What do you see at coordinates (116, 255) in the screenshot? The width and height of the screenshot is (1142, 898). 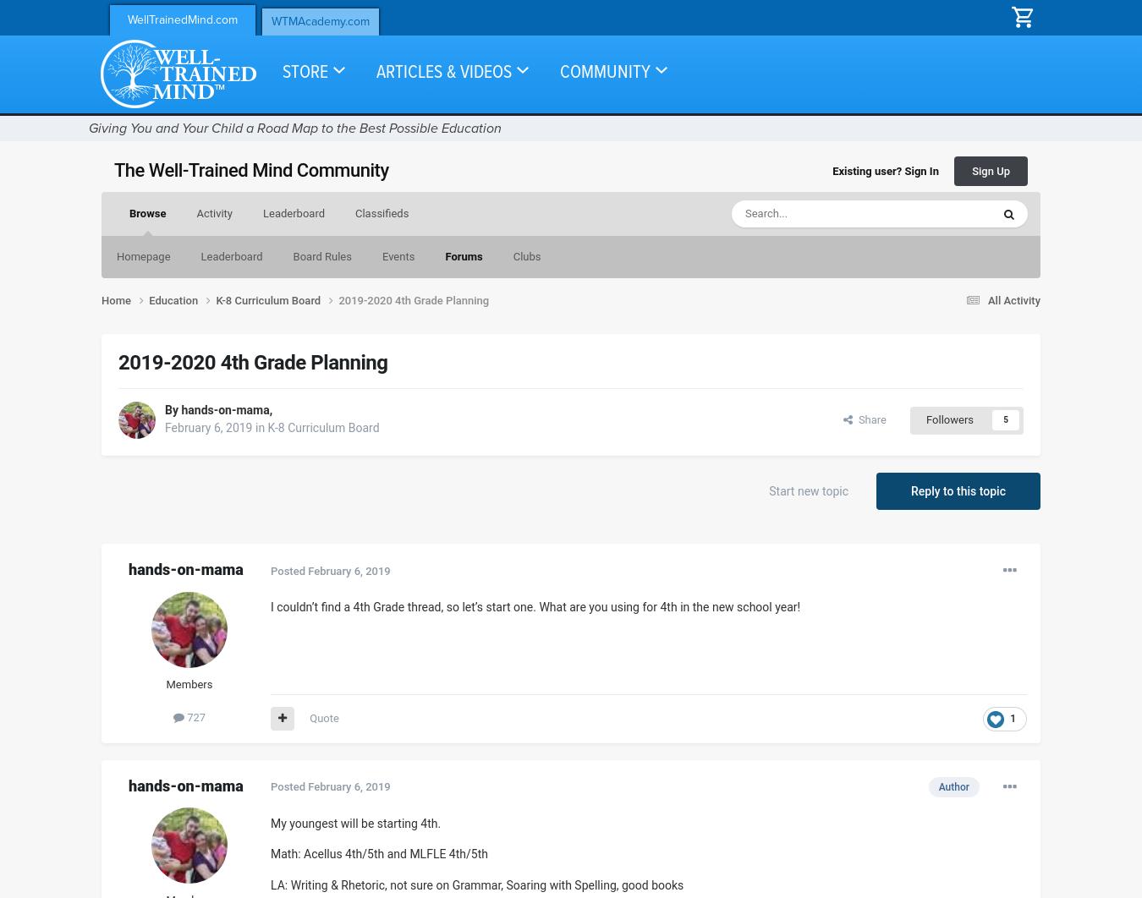 I see `'Homepage'` at bounding box center [116, 255].